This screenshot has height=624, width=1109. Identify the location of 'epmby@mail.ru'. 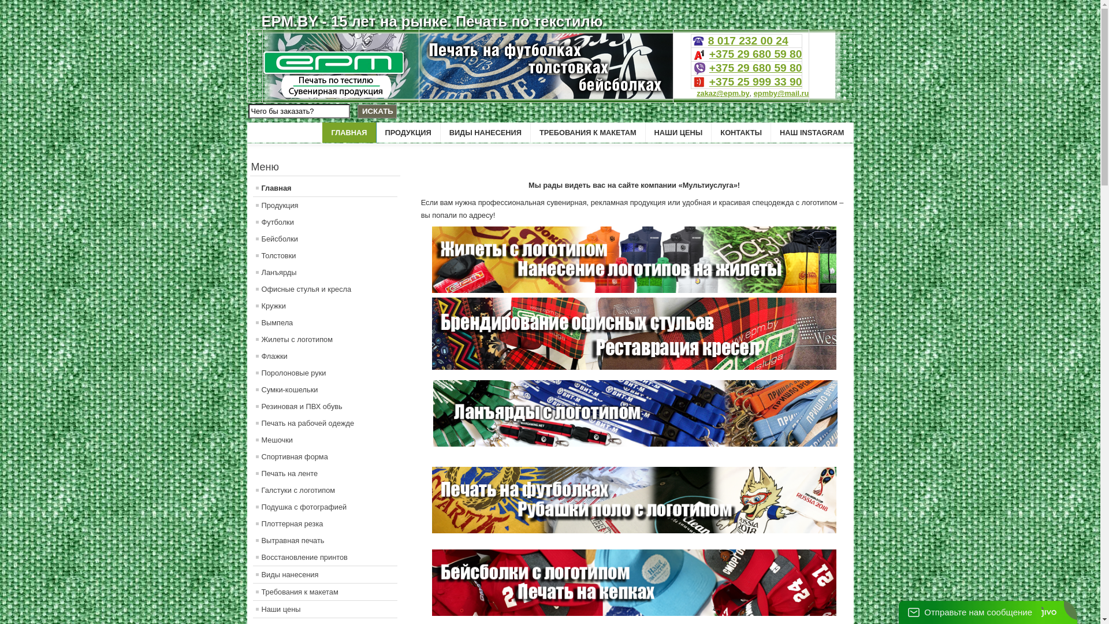
(781, 92).